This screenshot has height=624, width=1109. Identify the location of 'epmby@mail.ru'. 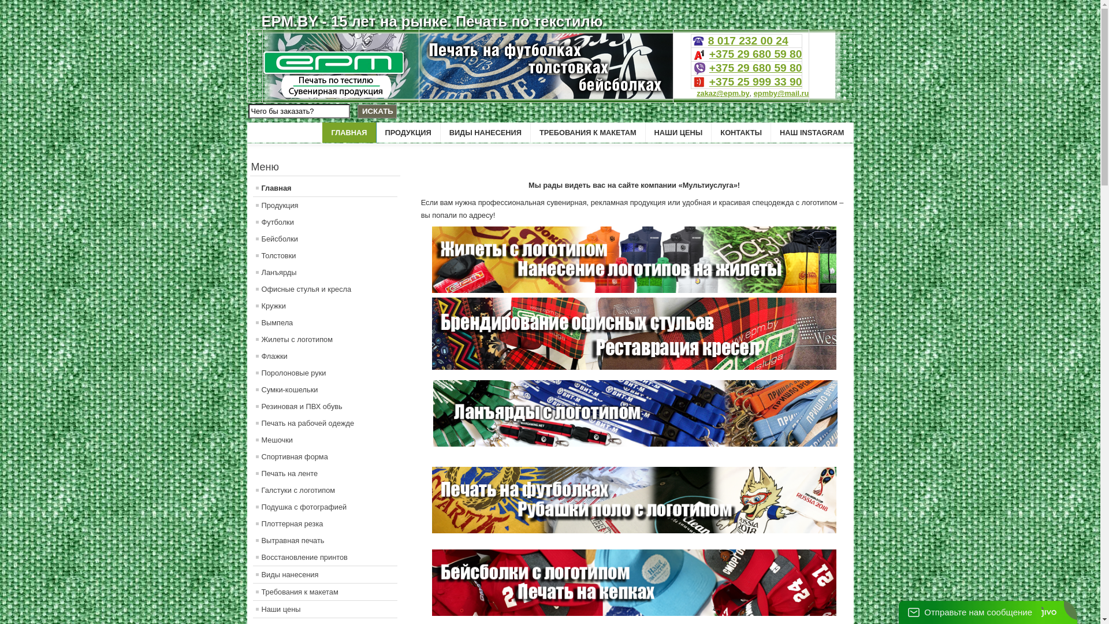
(781, 92).